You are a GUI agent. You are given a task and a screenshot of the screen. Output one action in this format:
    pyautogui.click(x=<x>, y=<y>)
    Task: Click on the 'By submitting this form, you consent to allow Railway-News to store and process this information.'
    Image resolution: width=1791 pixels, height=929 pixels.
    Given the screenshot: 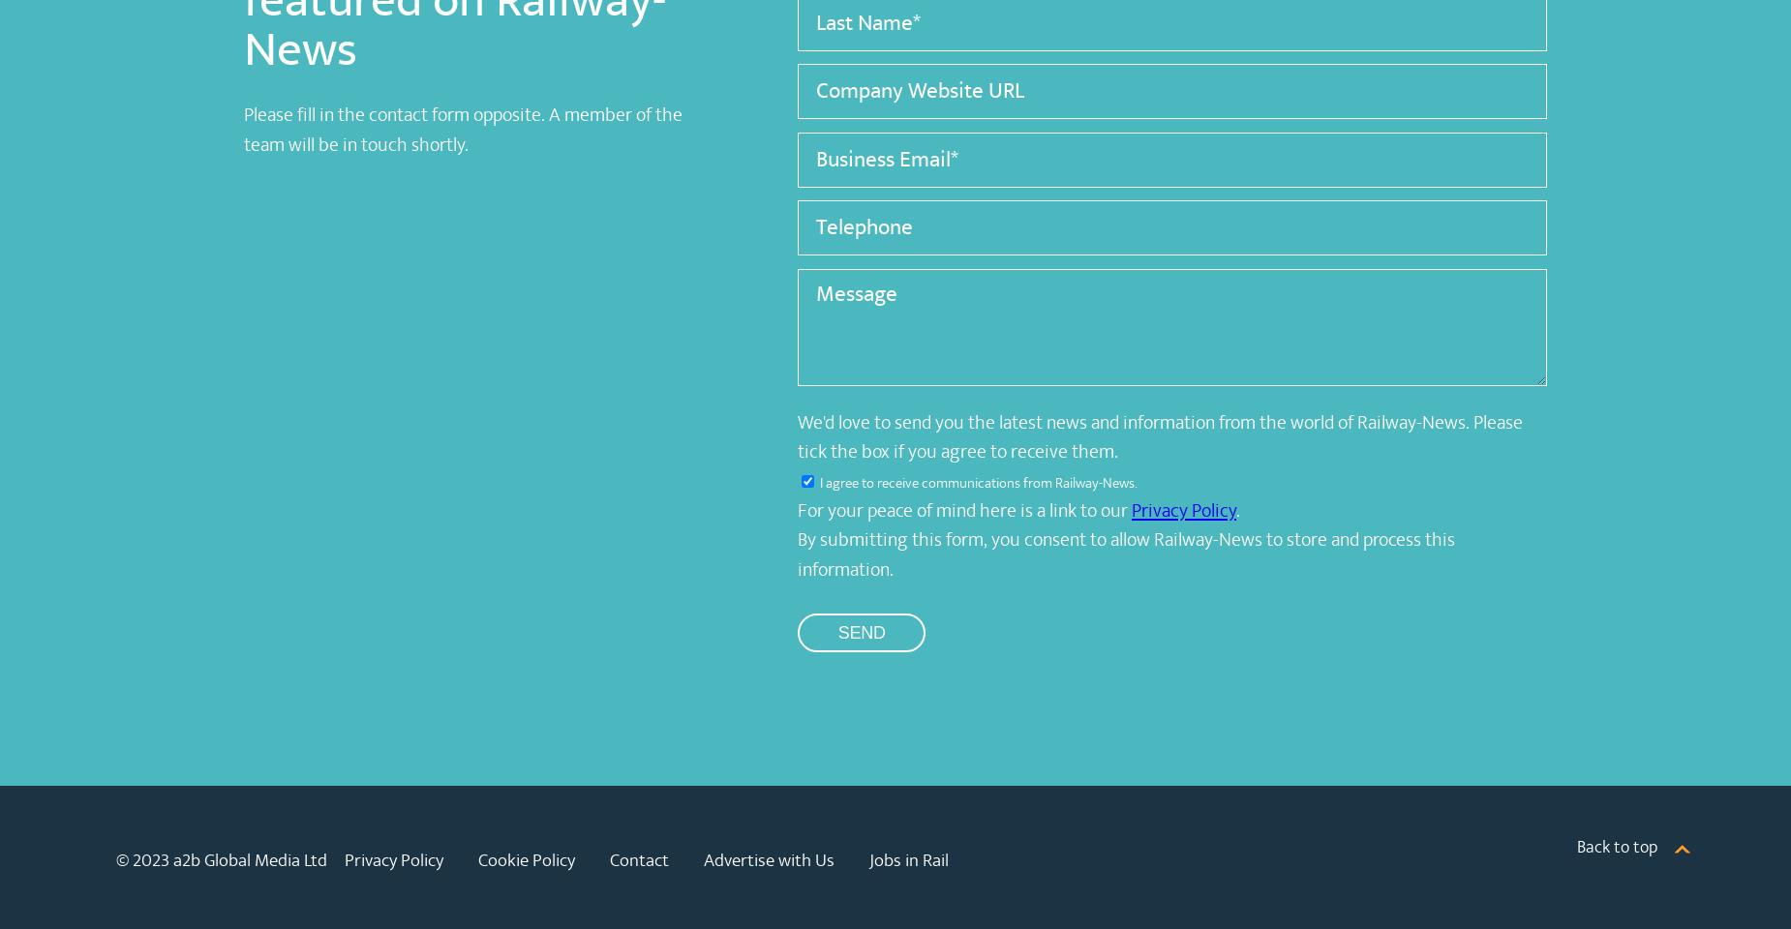 What is the action you would take?
    pyautogui.click(x=1125, y=554)
    